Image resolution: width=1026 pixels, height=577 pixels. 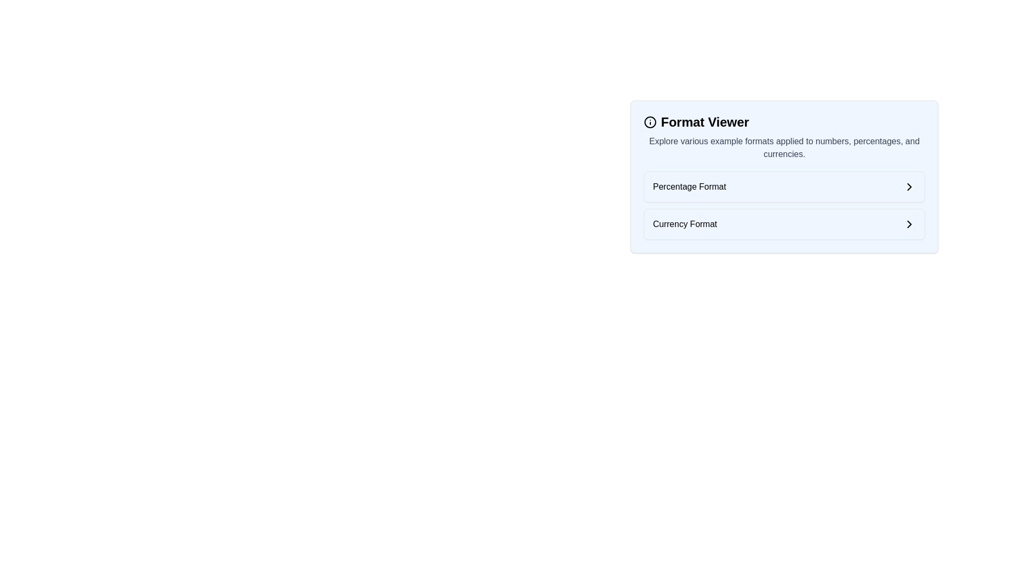 What do you see at coordinates (909, 224) in the screenshot?
I see `the chevron icon located at the far-right side of the 'Currency Format' button to visually highlight it` at bounding box center [909, 224].